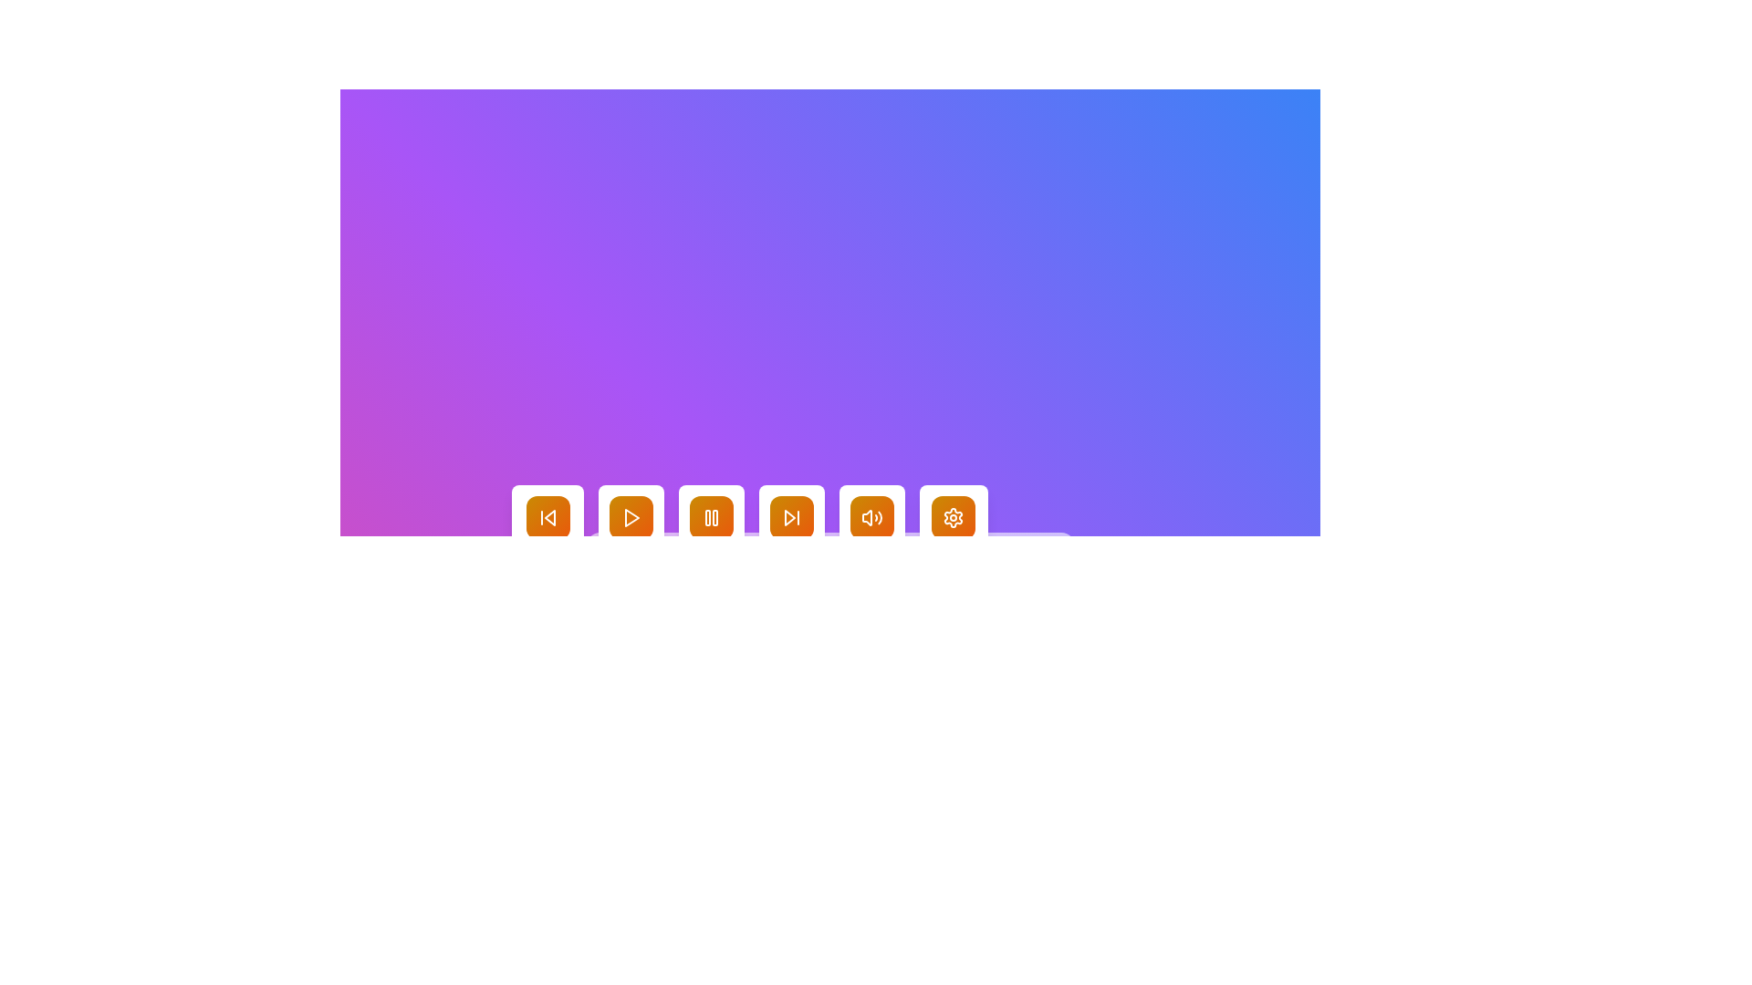 Image resolution: width=1752 pixels, height=985 pixels. I want to click on the square 'Play' button with rounded edges that has a gradient fill from yellow to orange and a white 'play' icon in the center, so click(631, 531).